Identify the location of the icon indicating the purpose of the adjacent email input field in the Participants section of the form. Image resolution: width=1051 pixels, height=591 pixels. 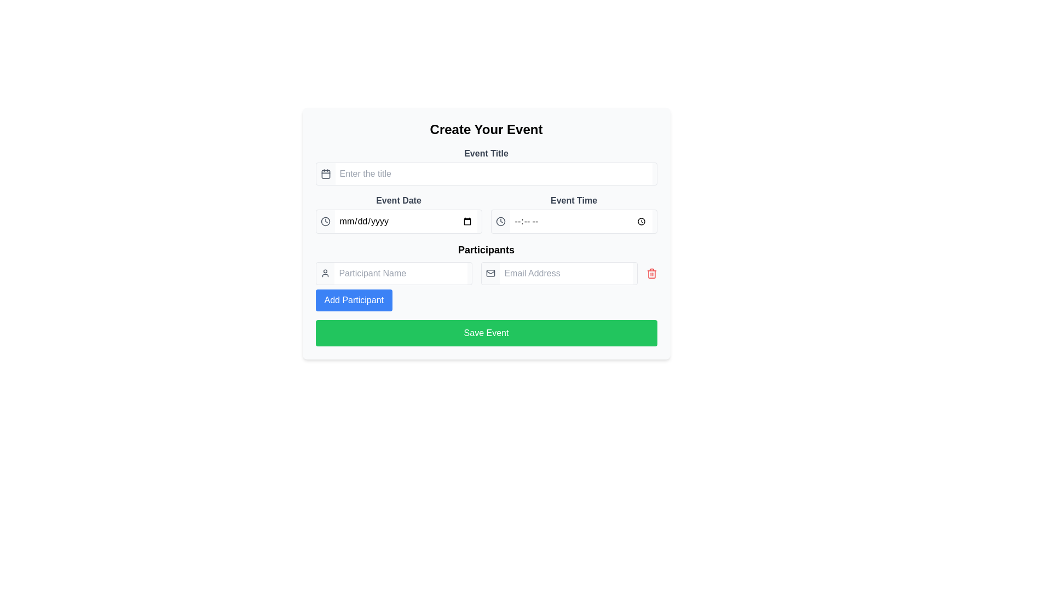
(490, 273).